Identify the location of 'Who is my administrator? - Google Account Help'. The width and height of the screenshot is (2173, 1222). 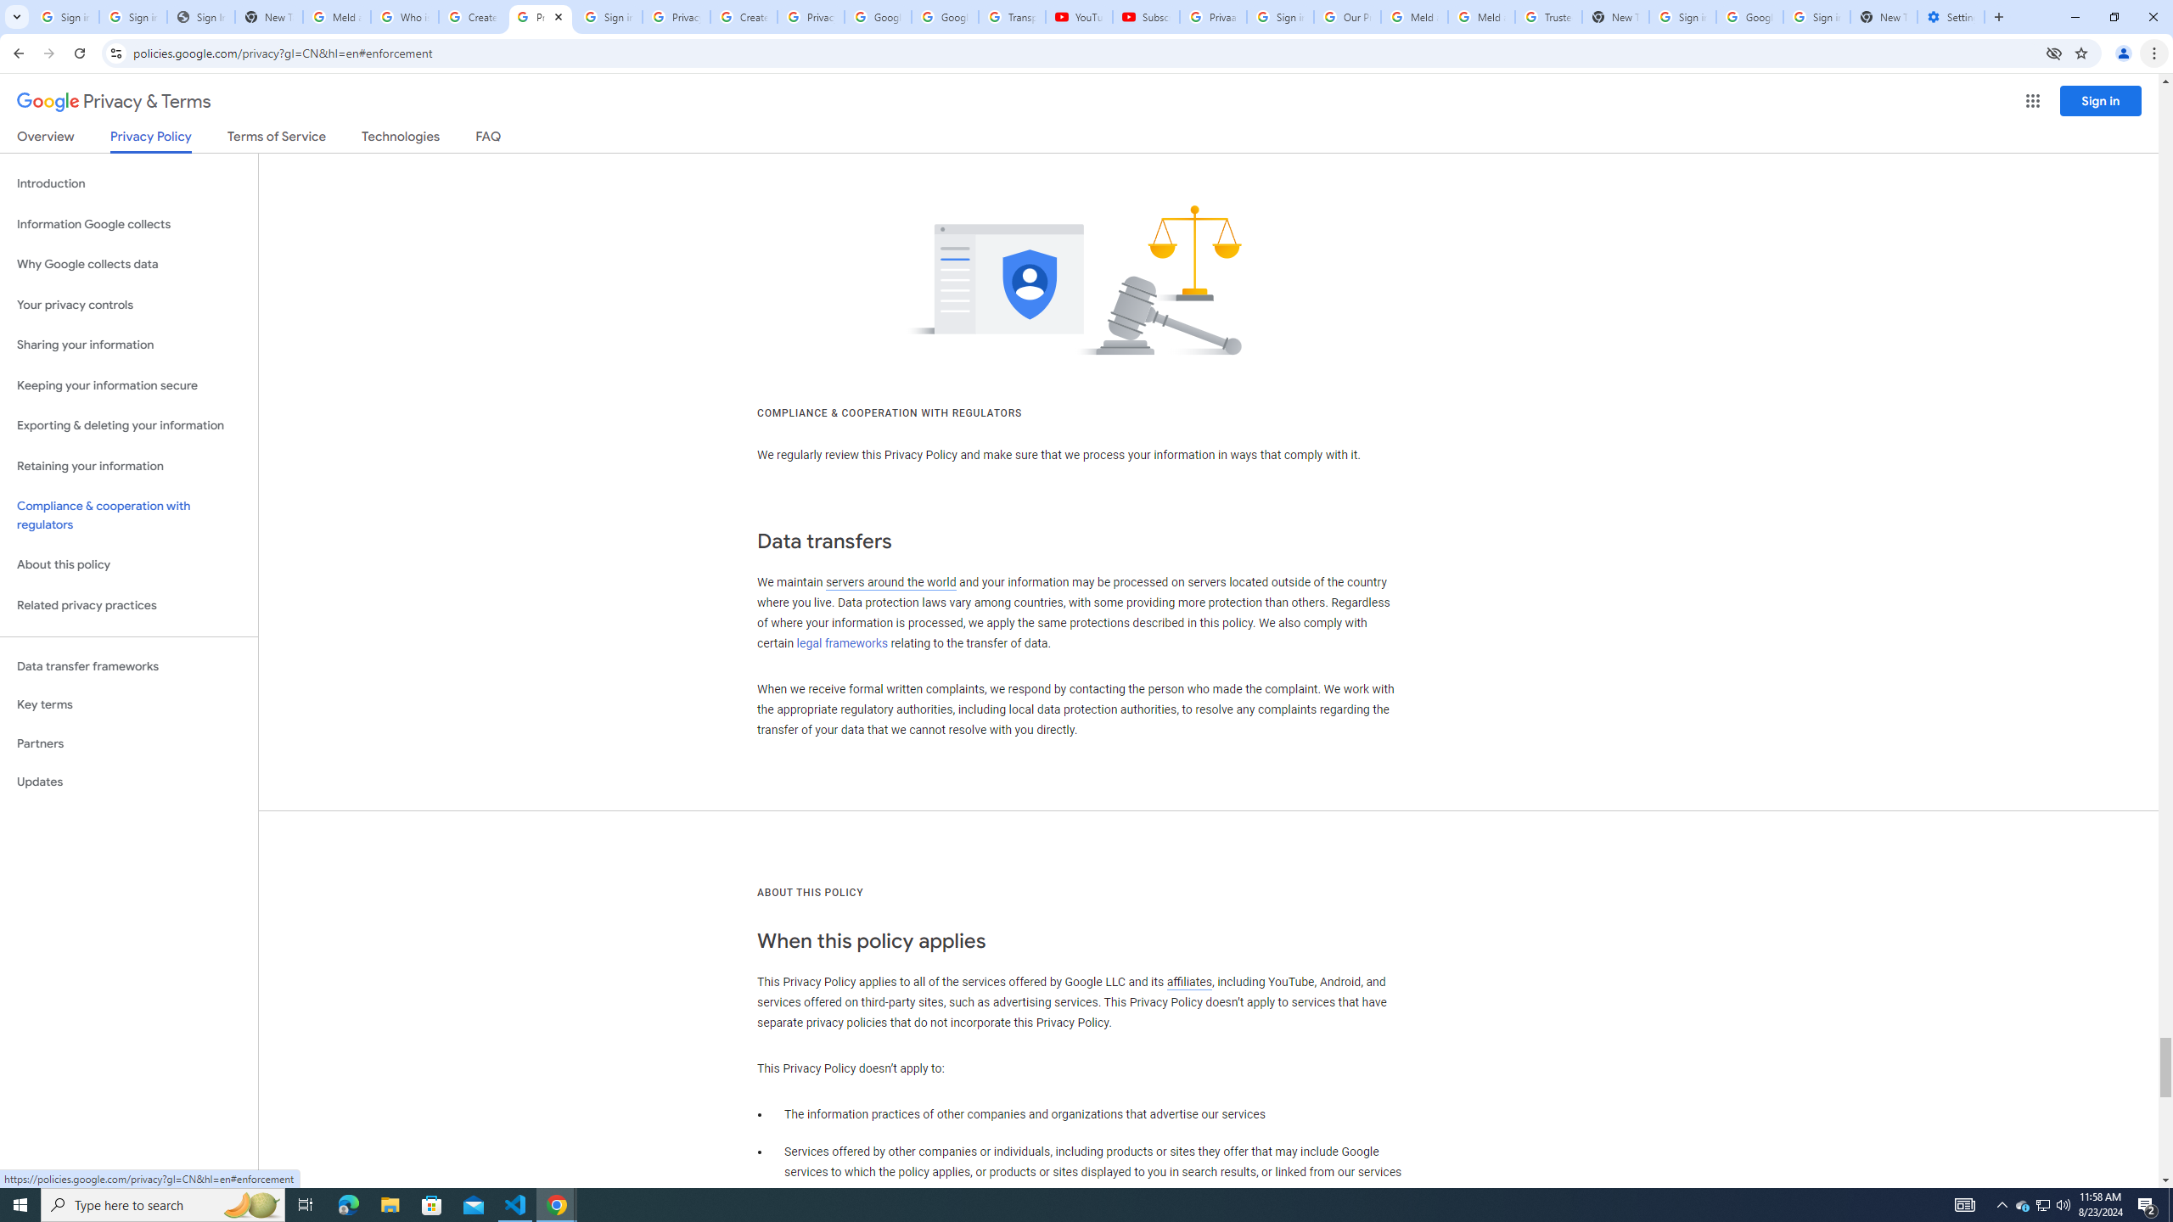
(404, 16).